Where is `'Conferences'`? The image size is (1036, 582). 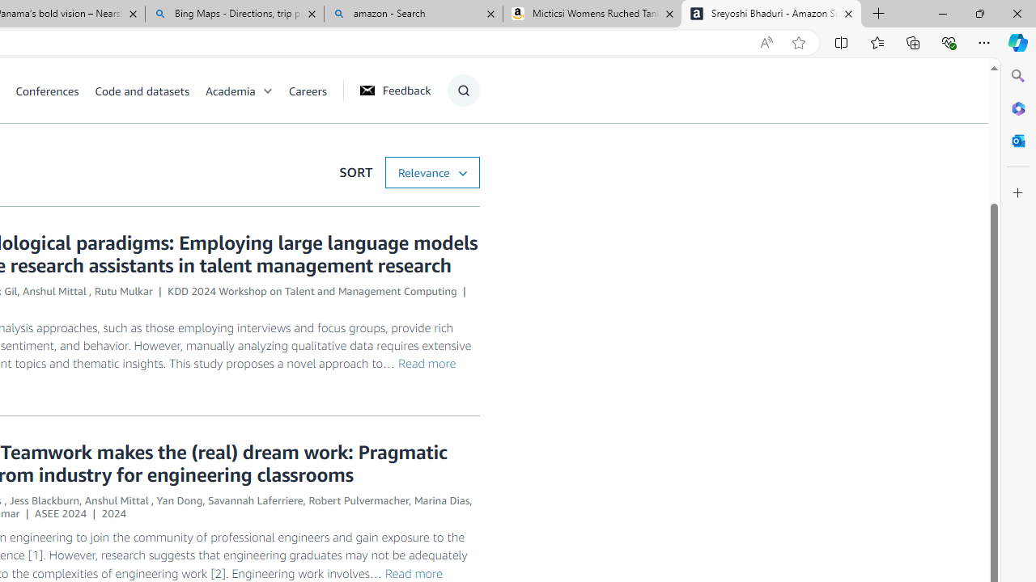 'Conferences' is located at coordinates (55, 90).